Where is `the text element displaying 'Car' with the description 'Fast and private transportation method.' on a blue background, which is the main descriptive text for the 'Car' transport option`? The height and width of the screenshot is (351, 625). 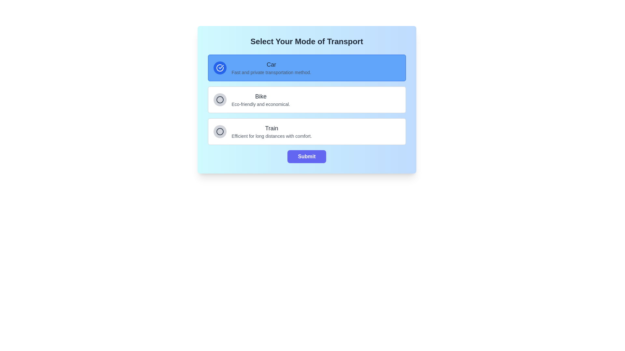
the text element displaying 'Car' with the description 'Fast and private transportation method.' on a blue background, which is the main descriptive text for the 'Car' transport option is located at coordinates (271, 68).